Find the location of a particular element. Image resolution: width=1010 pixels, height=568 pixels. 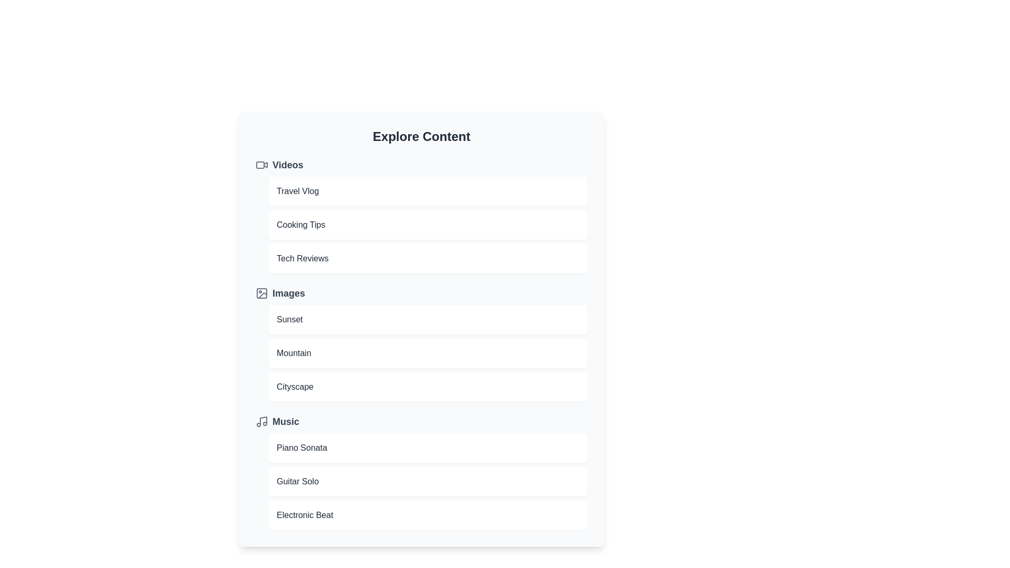

the item Sunset to open it is located at coordinates (428, 319).